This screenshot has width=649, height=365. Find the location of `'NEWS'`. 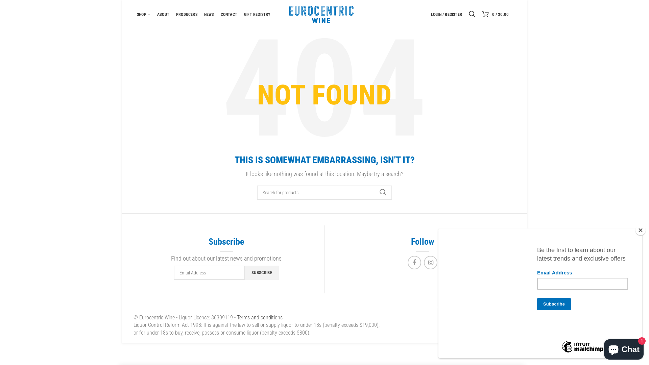

'NEWS' is located at coordinates (200, 14).